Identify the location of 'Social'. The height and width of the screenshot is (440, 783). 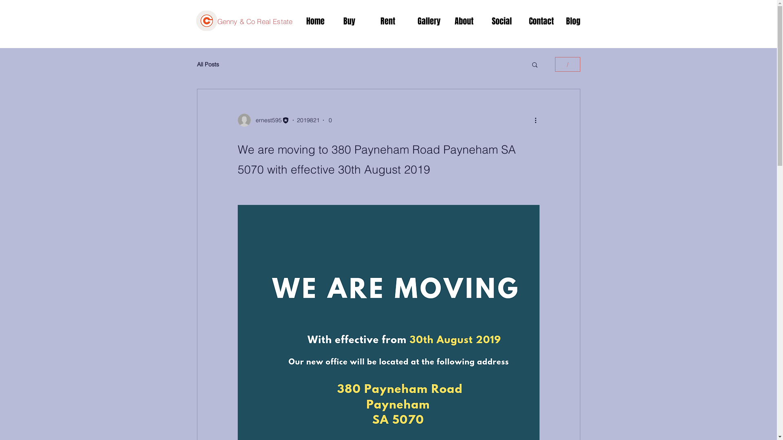
(503, 20).